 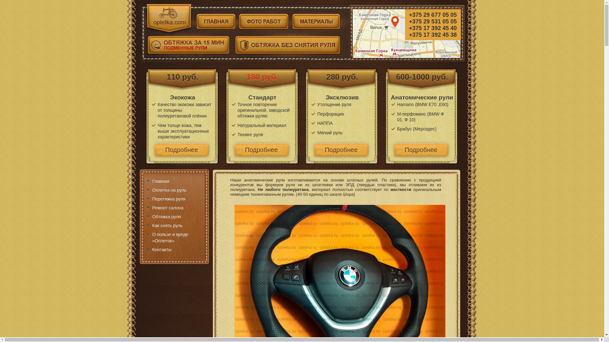 I want to click on '+375 29 677 05 05', so click(x=432, y=15).